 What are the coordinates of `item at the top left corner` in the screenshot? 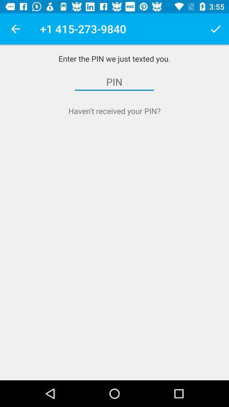 It's located at (15, 29).